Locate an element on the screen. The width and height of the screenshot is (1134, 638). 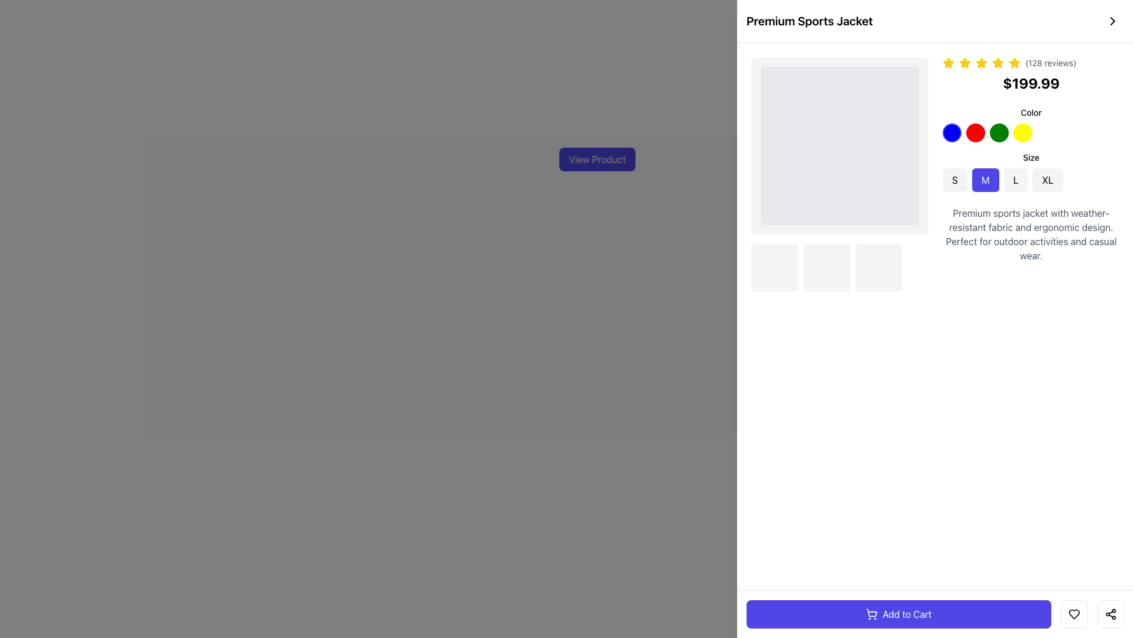
the text label reading 'Premium Sports Jacket', which is styled in a bold, large font size and located at the top-left corner of the product details page is located at coordinates (809, 21).